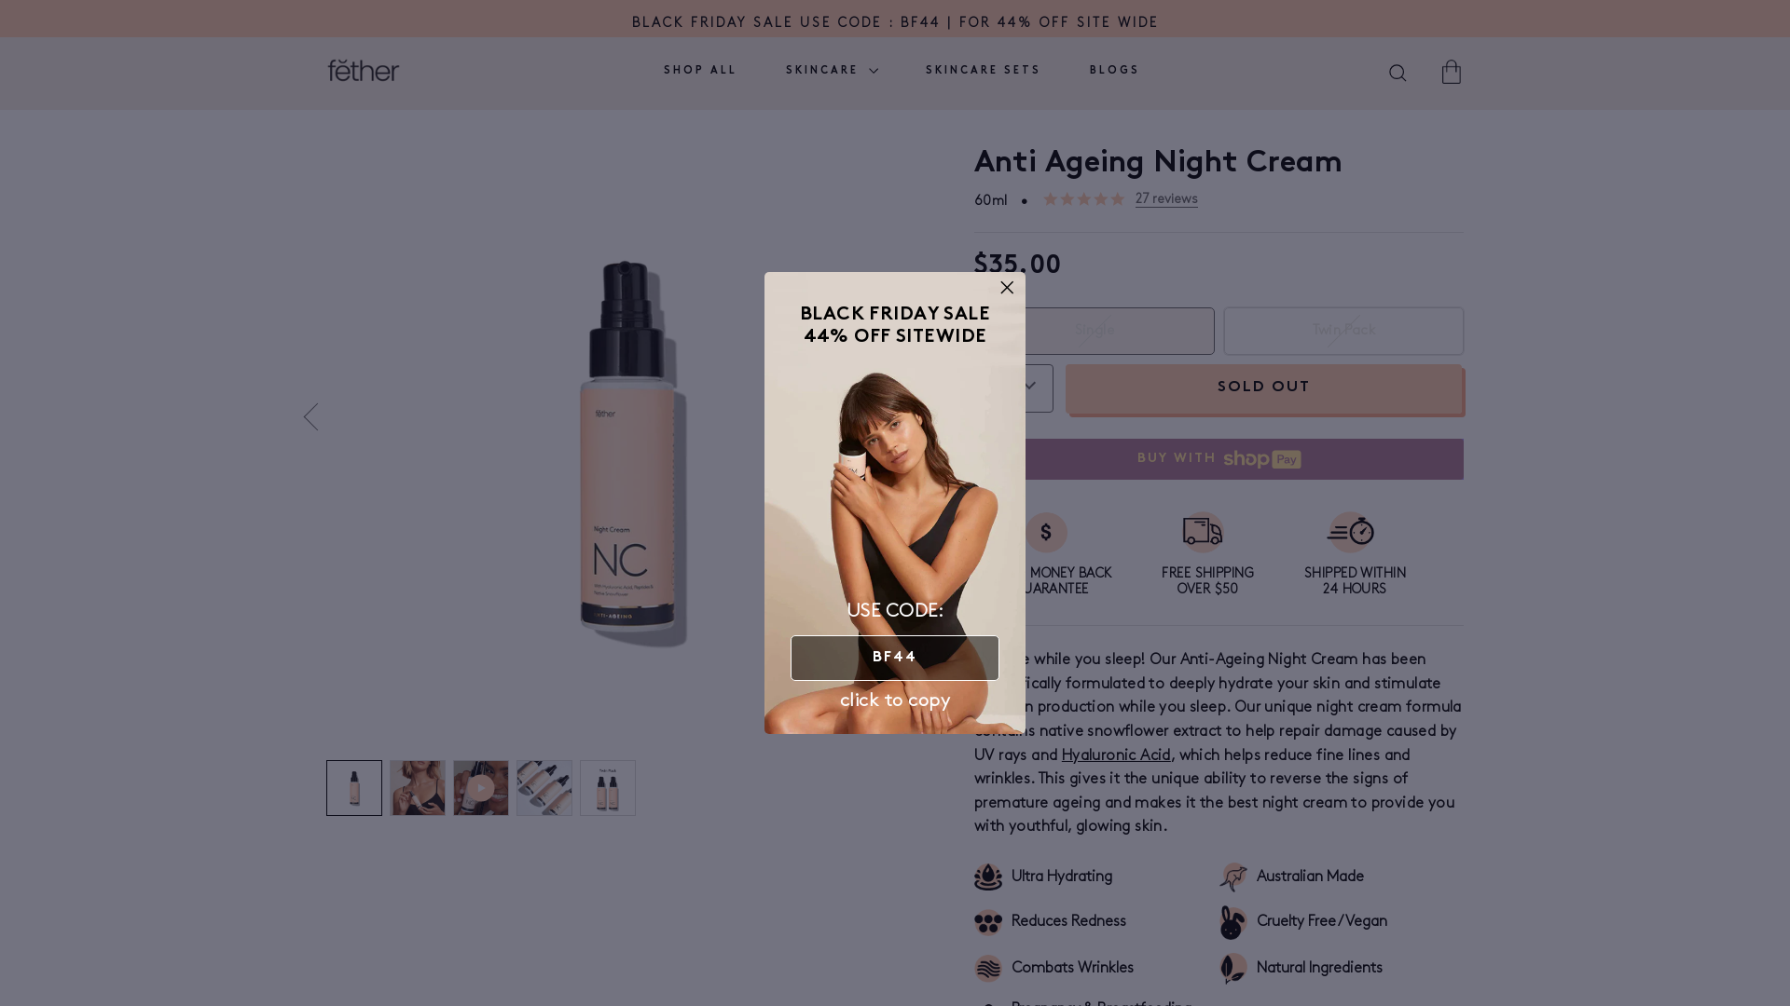  I want to click on 'SKINCARE SETS', so click(983, 71).